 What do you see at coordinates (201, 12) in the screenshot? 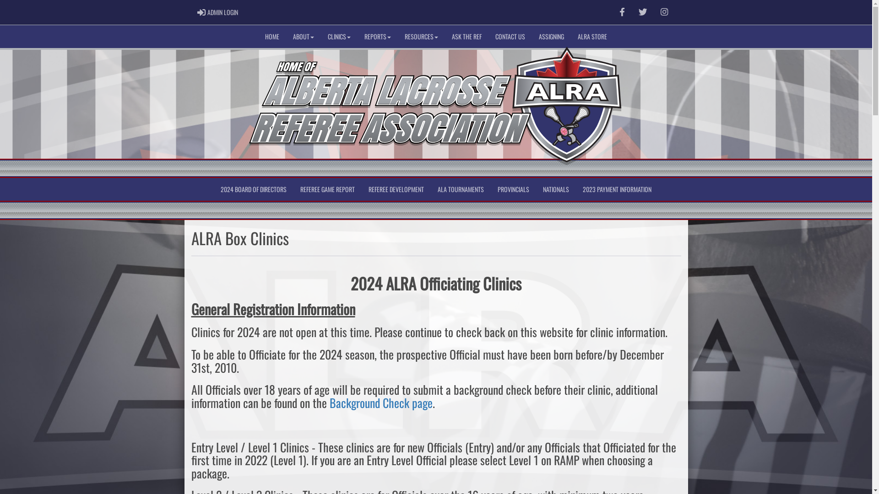
I see `'Login Page'` at bounding box center [201, 12].